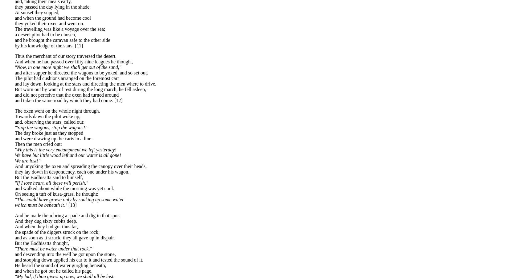 The width and height of the screenshot is (524, 280). I want to click on '"There must be water  under that  rock,"', so click(14, 248).